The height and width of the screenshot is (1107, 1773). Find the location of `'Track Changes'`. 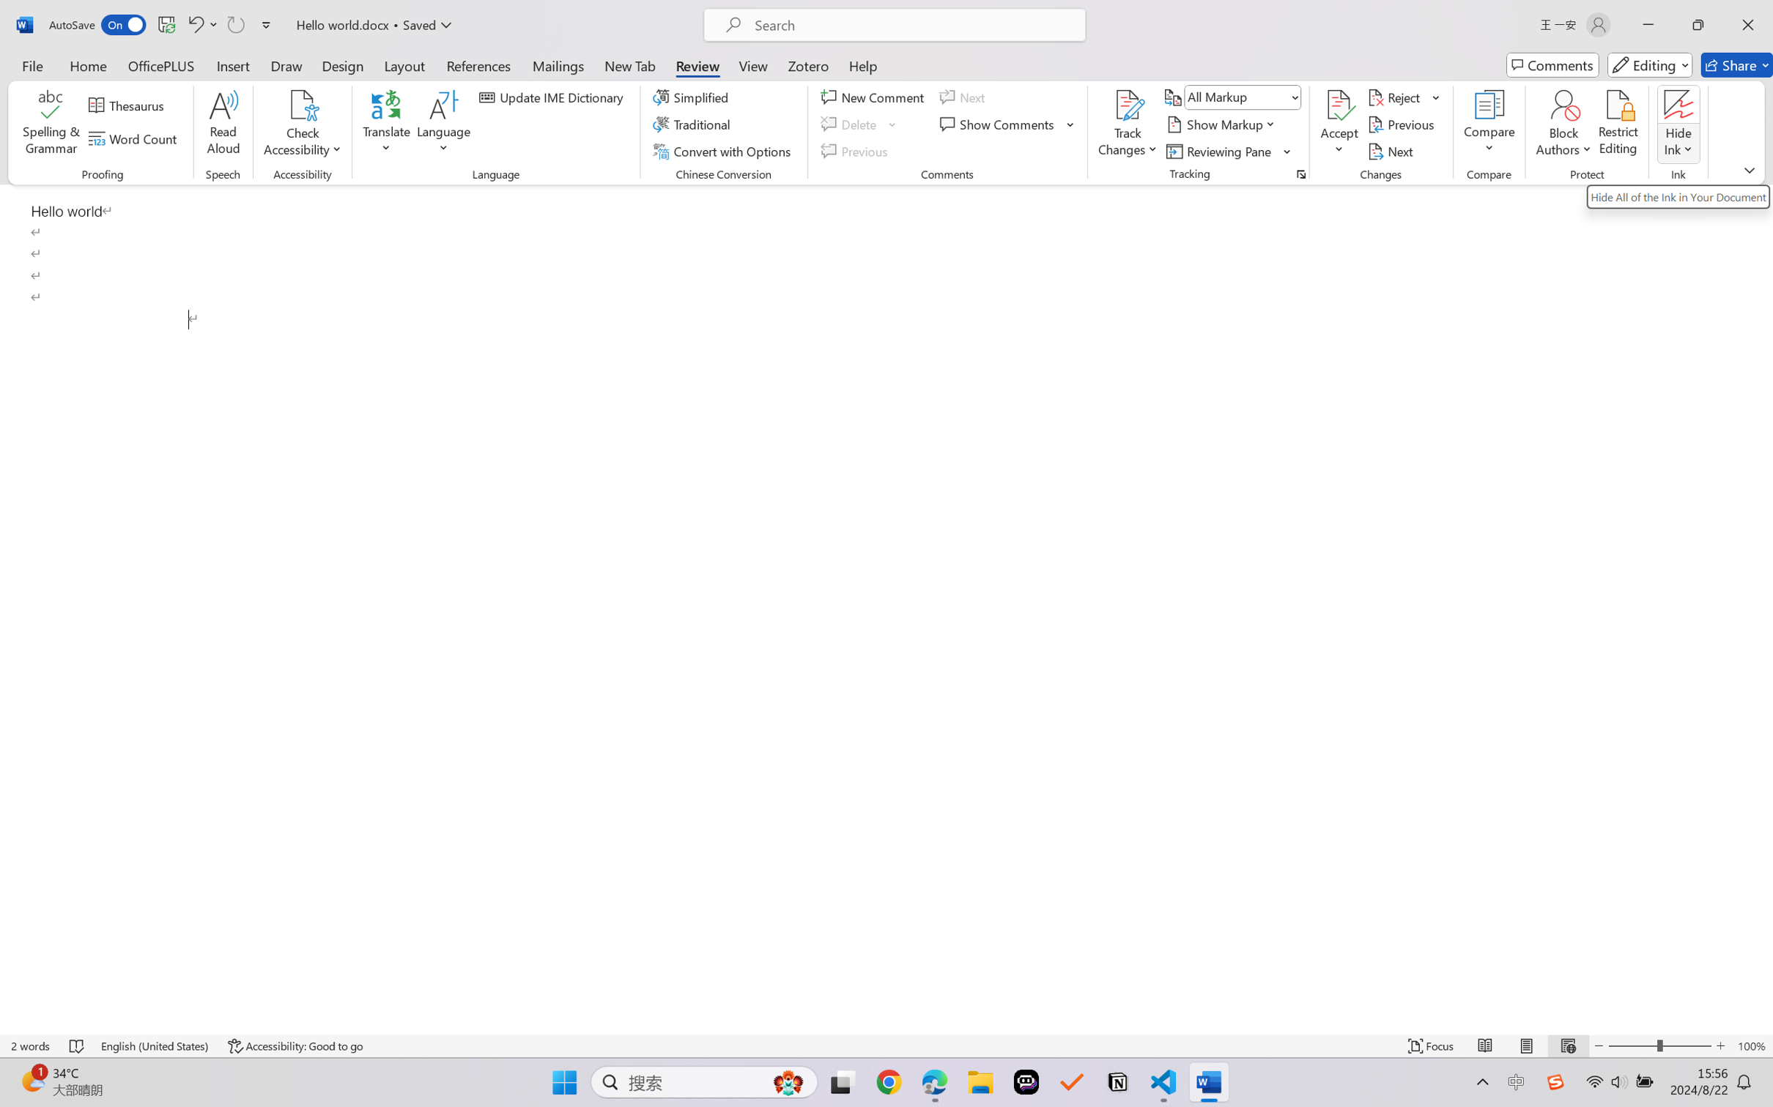

'Track Changes' is located at coordinates (1127, 105).